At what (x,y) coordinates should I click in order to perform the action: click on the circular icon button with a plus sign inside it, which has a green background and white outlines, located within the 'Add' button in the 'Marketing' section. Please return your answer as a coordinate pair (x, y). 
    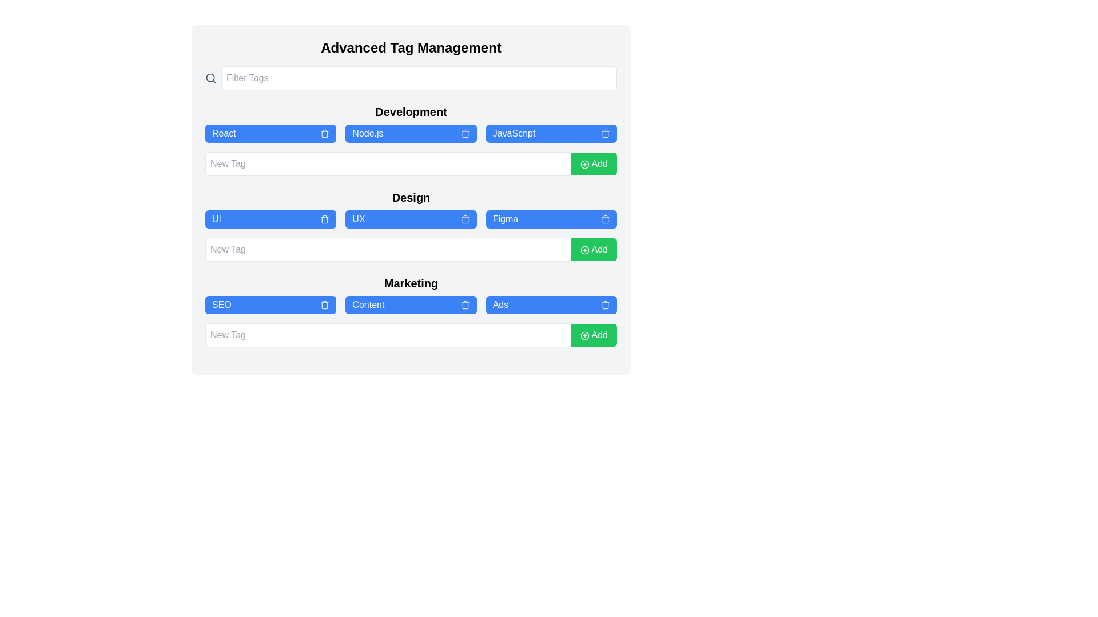
    Looking at the image, I should click on (584, 335).